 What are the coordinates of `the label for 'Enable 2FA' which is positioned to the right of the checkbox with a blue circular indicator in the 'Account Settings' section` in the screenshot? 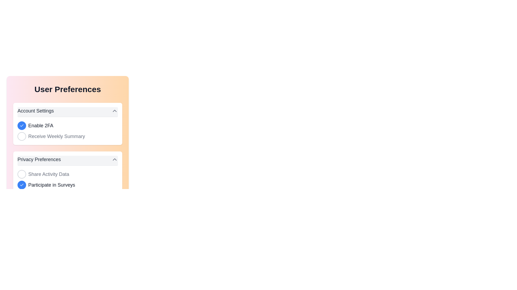 It's located at (40, 125).